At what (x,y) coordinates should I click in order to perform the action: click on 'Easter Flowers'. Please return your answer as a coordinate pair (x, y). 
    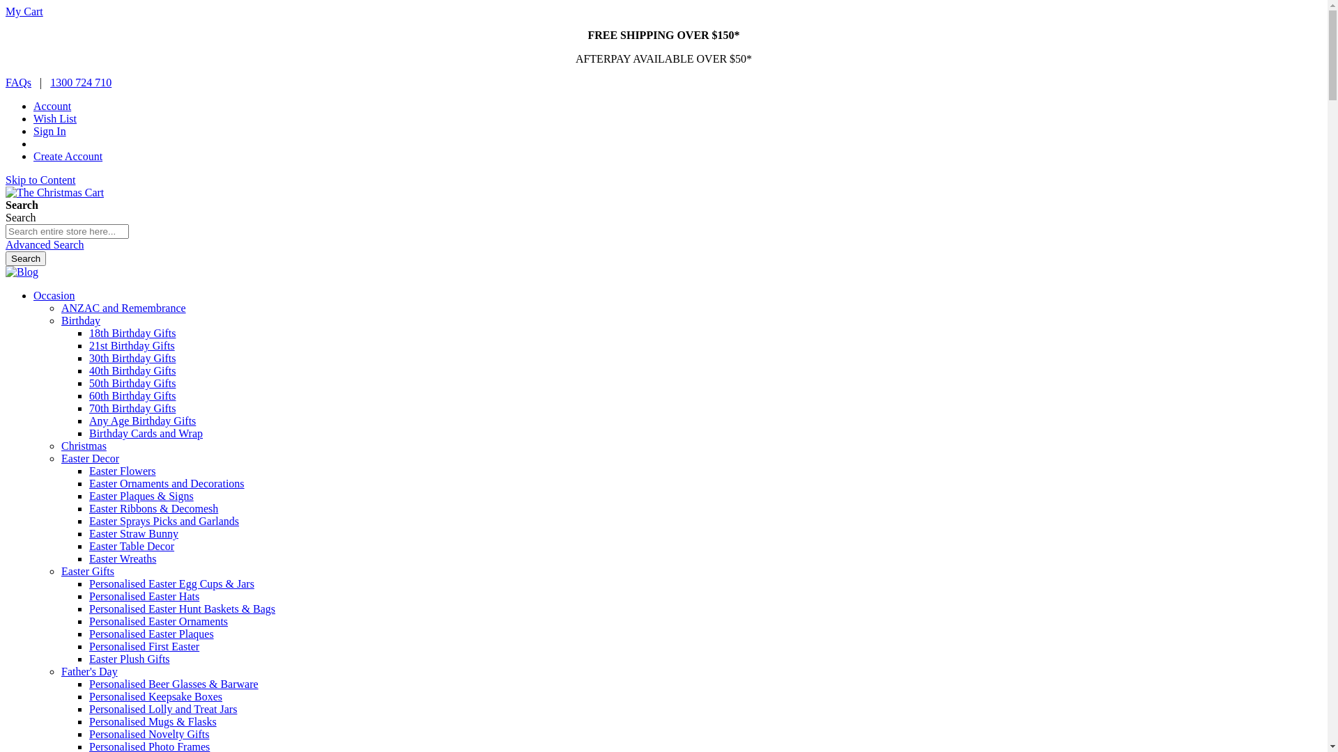
    Looking at the image, I should click on (89, 470).